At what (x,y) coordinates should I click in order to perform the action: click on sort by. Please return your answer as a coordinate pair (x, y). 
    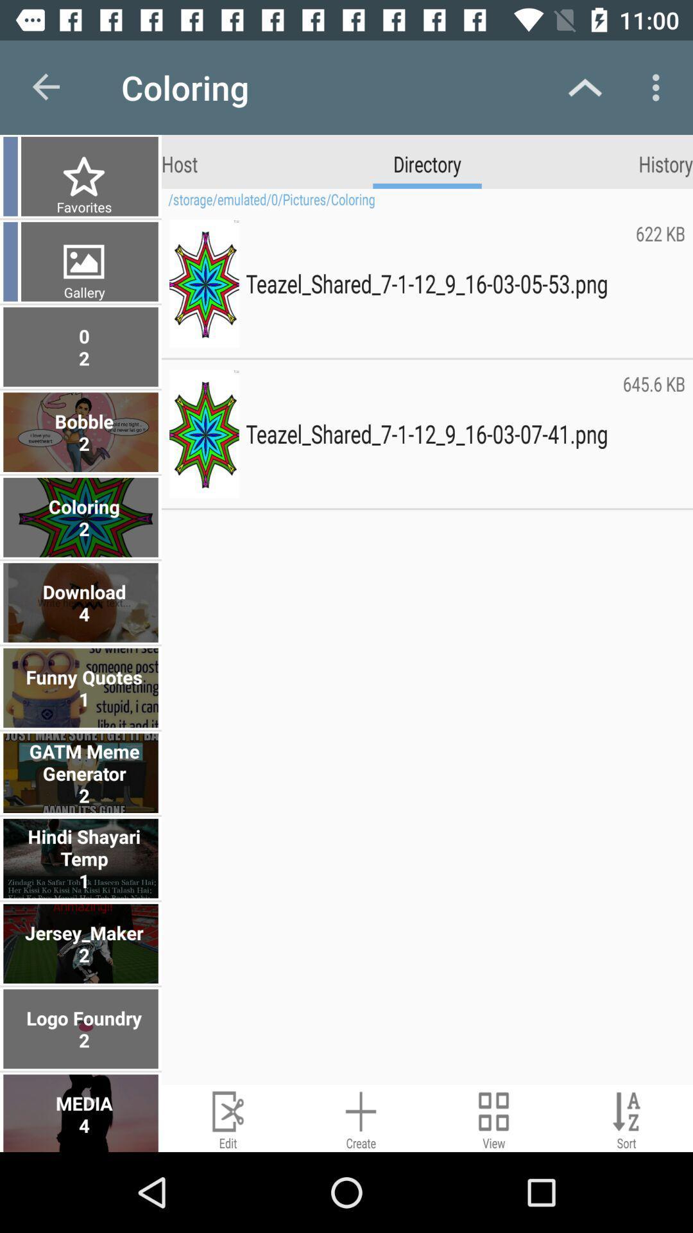
    Looking at the image, I should click on (626, 1117).